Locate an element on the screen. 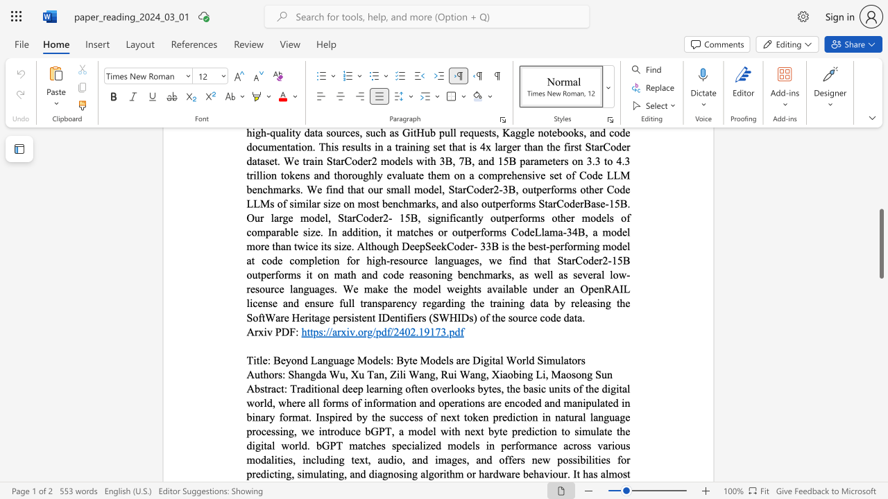 The height and width of the screenshot is (499, 888). the scrollbar and move down 270 pixels is located at coordinates (880, 243).